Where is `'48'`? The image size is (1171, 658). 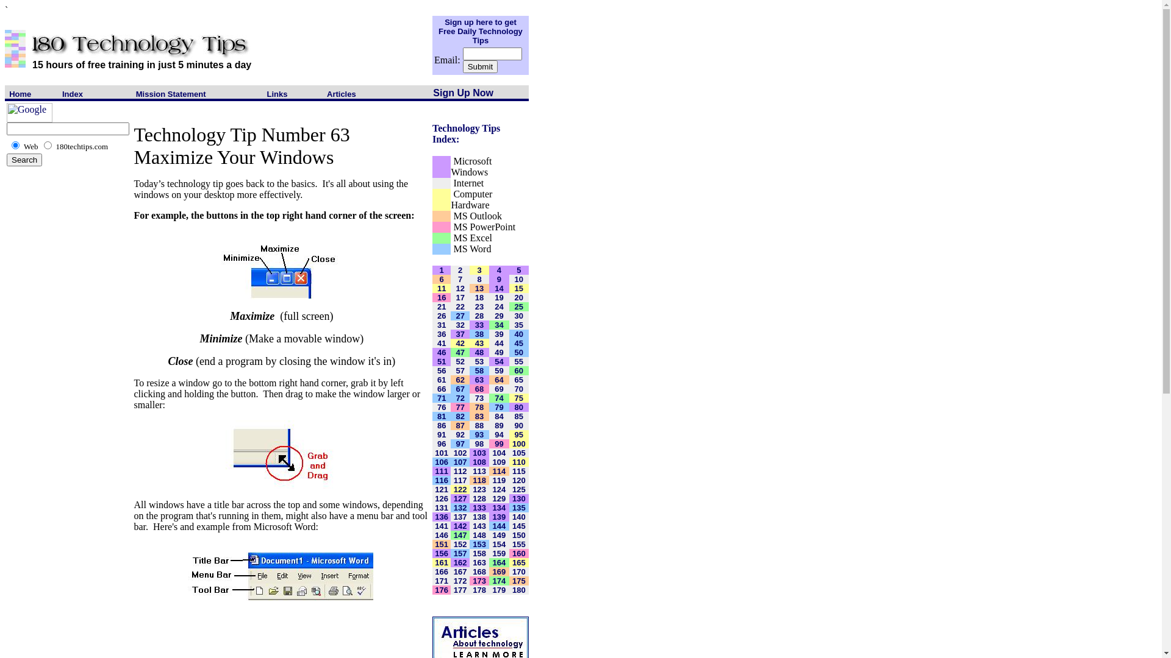
'48' is located at coordinates (479, 352).